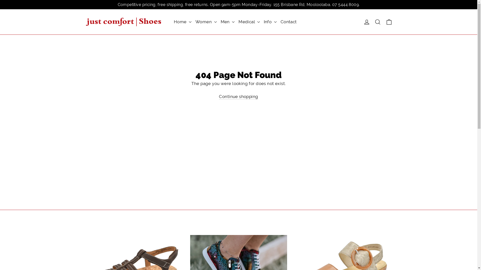  What do you see at coordinates (193, 21) in the screenshot?
I see `'Women'` at bounding box center [193, 21].